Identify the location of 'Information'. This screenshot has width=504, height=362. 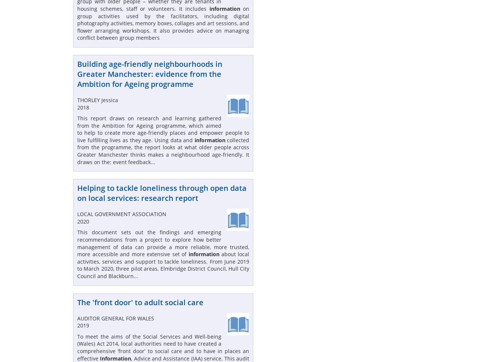
(100, 358).